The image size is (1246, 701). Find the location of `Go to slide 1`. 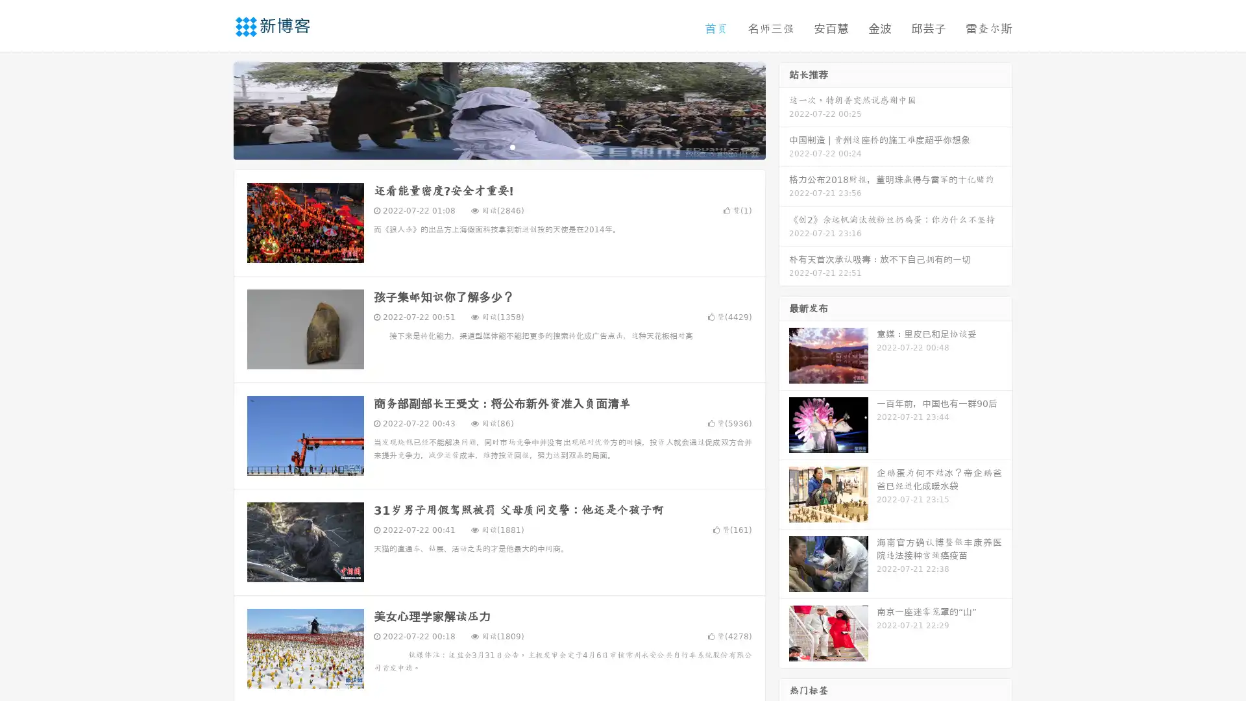

Go to slide 1 is located at coordinates (485, 146).